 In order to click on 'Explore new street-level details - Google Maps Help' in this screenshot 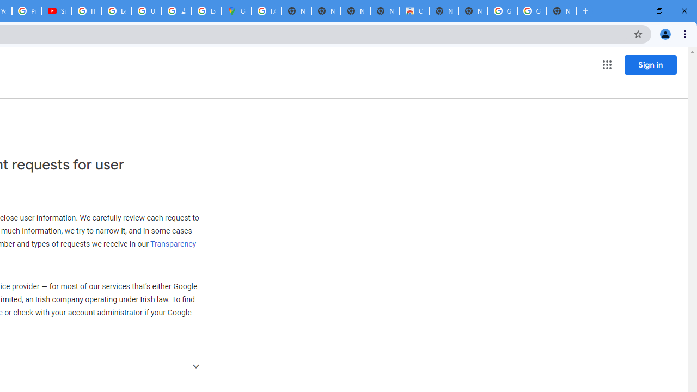, I will do `click(206, 11)`.